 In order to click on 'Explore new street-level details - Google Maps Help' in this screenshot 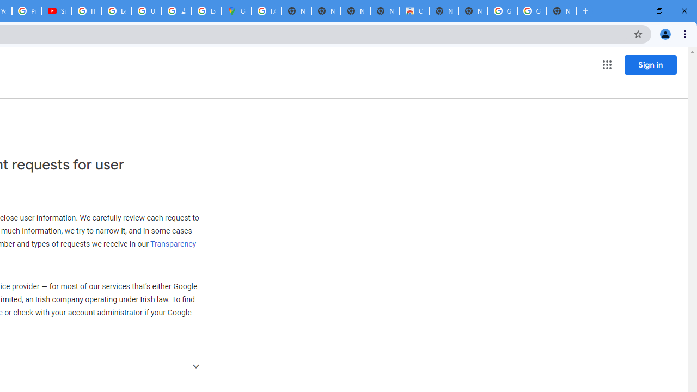, I will do `click(206, 11)`.